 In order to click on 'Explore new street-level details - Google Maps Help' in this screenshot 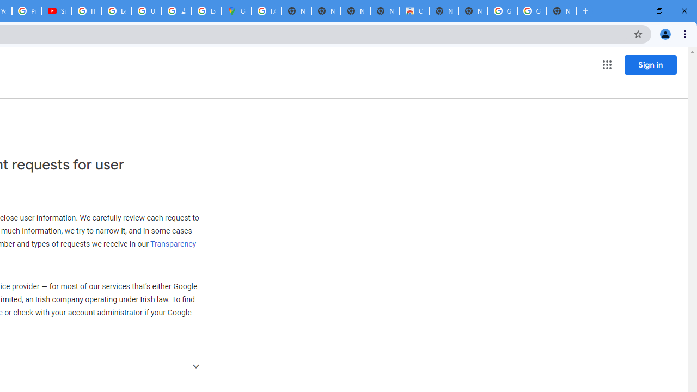, I will do `click(206, 11)`.